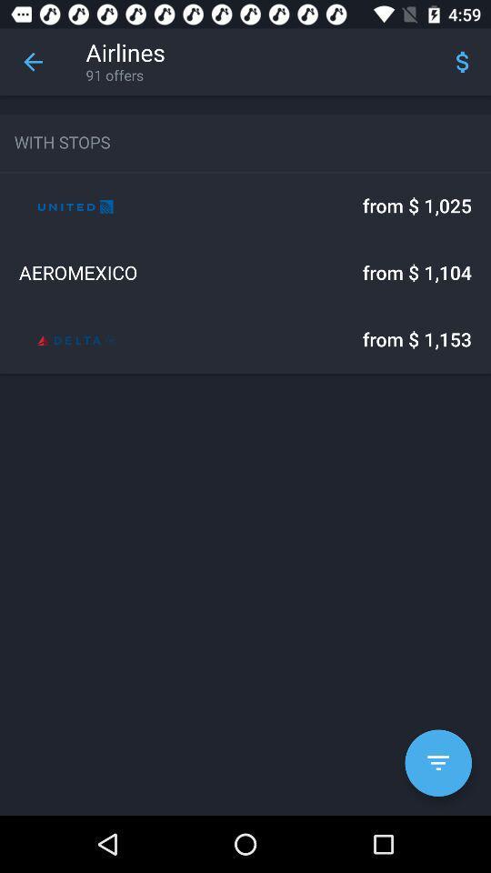 The height and width of the screenshot is (873, 491). Describe the element at coordinates (33, 62) in the screenshot. I see `item to the left of airlines` at that location.